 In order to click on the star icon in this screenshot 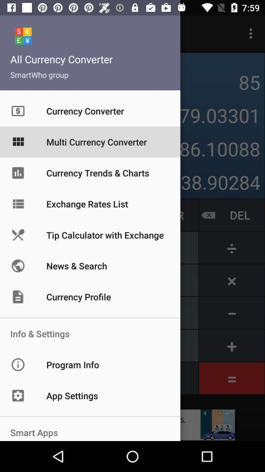, I will do `click(9, 82)`.